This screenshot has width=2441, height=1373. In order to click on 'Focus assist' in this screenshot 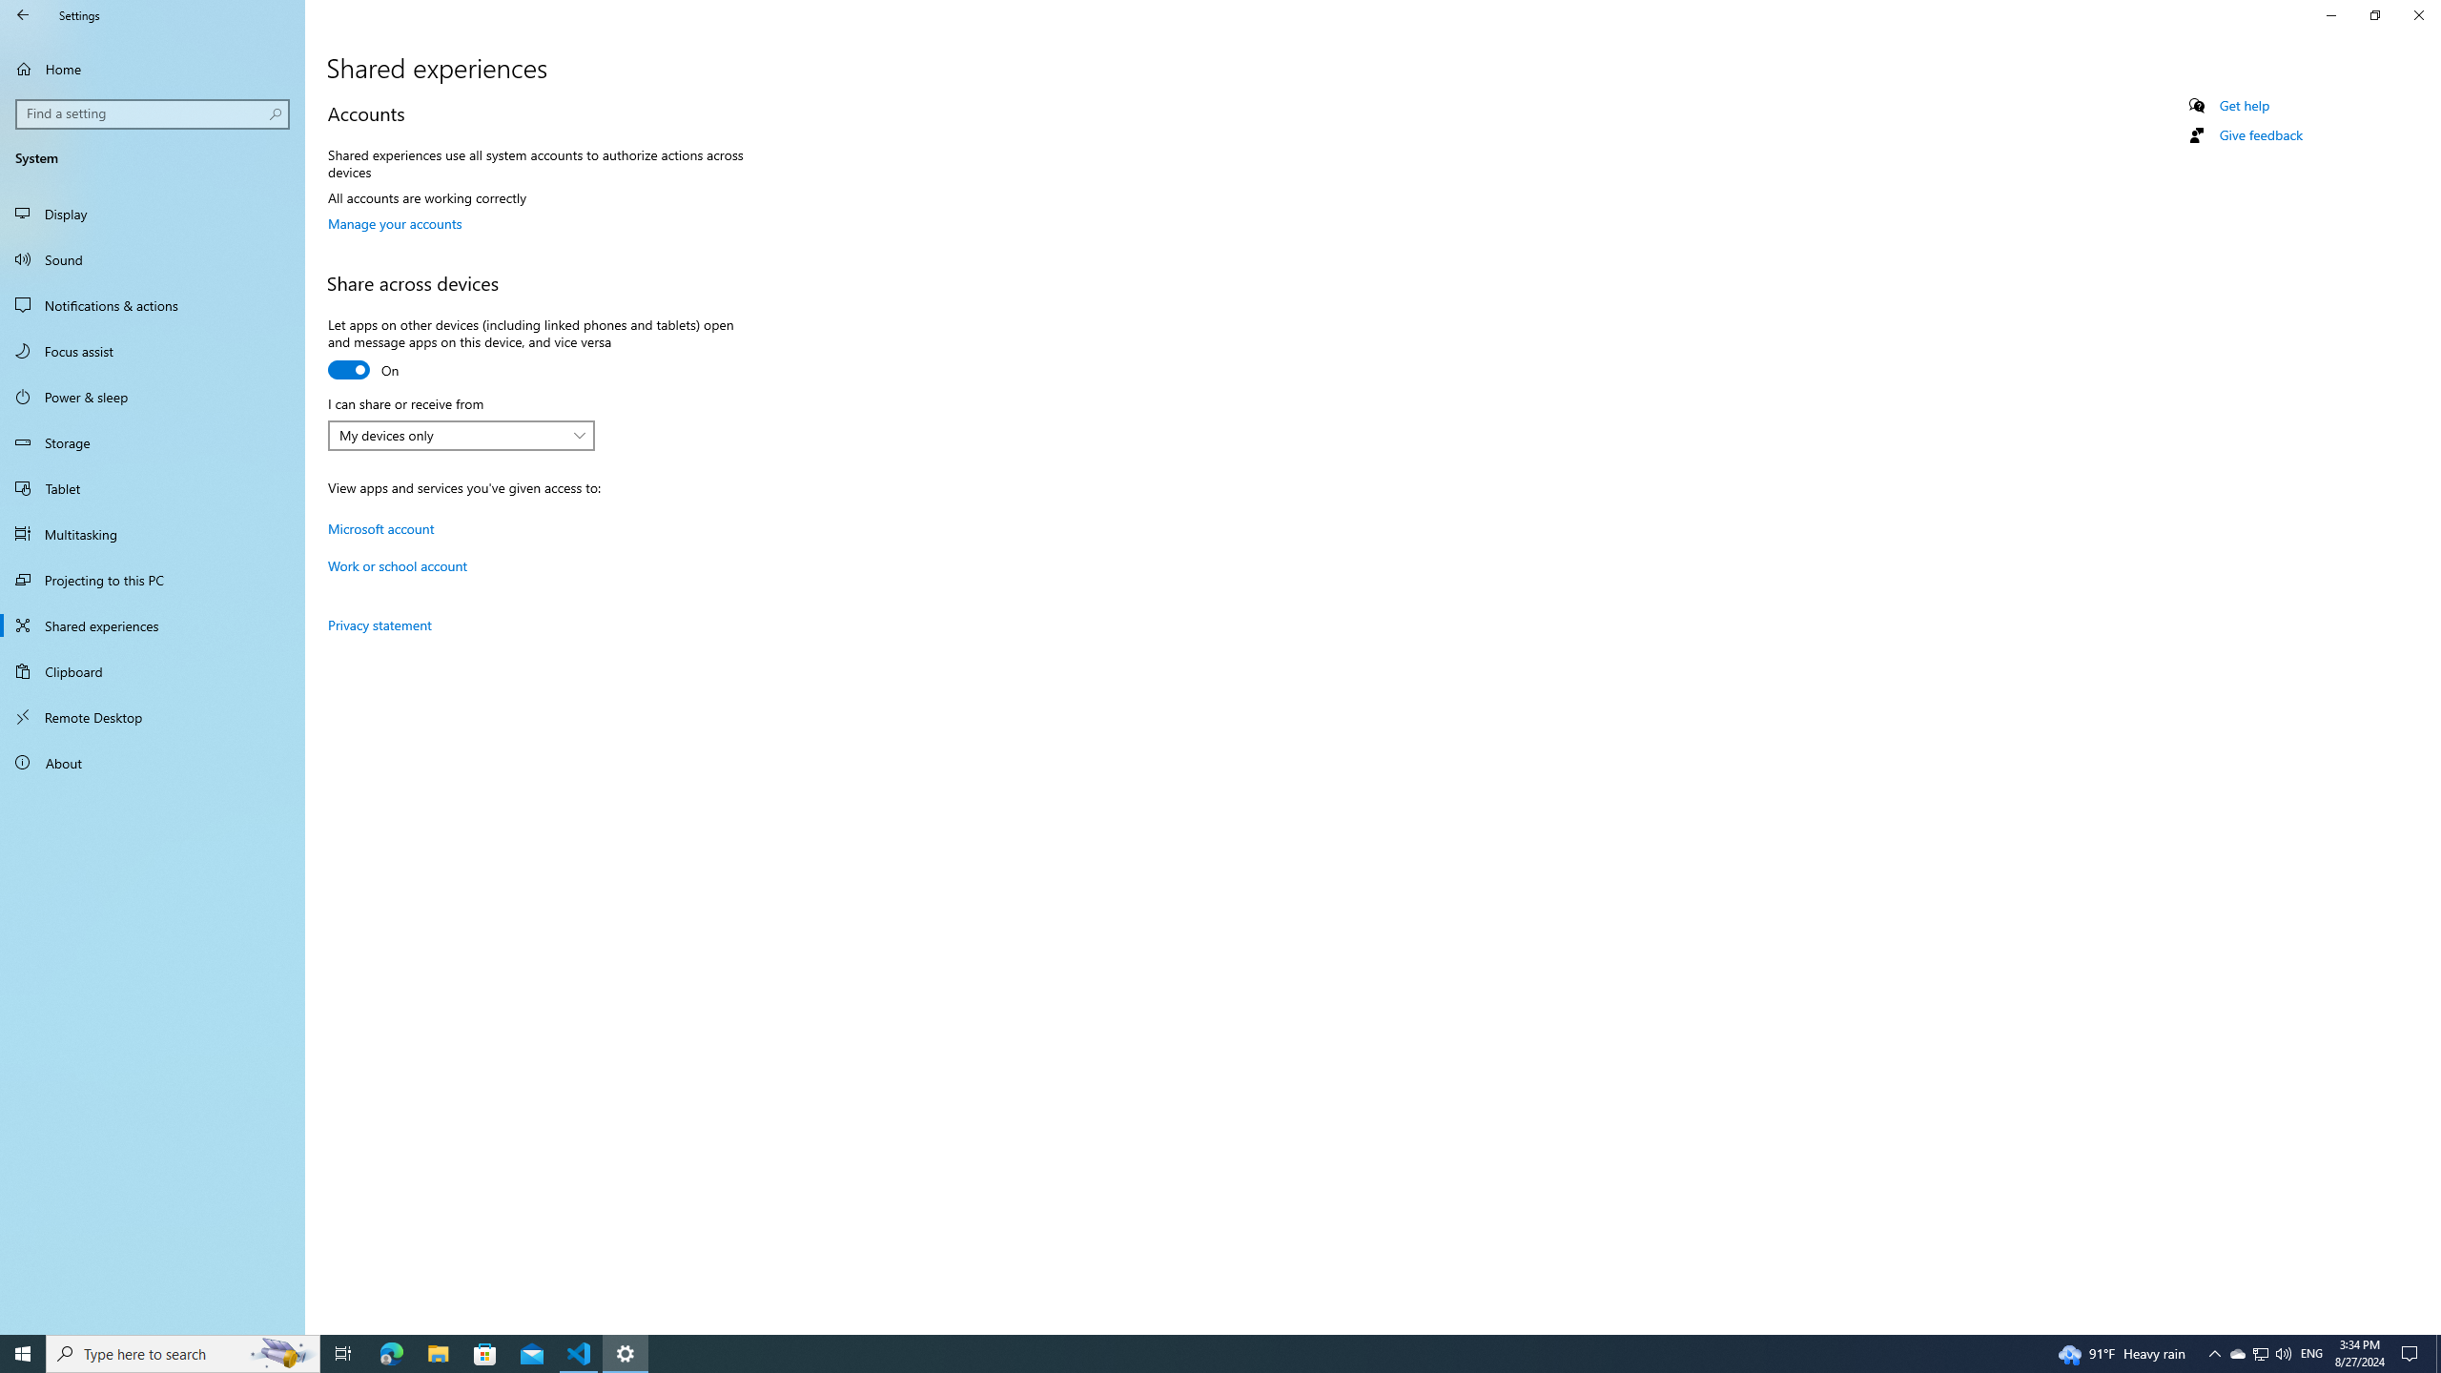, I will do `click(152, 350)`.